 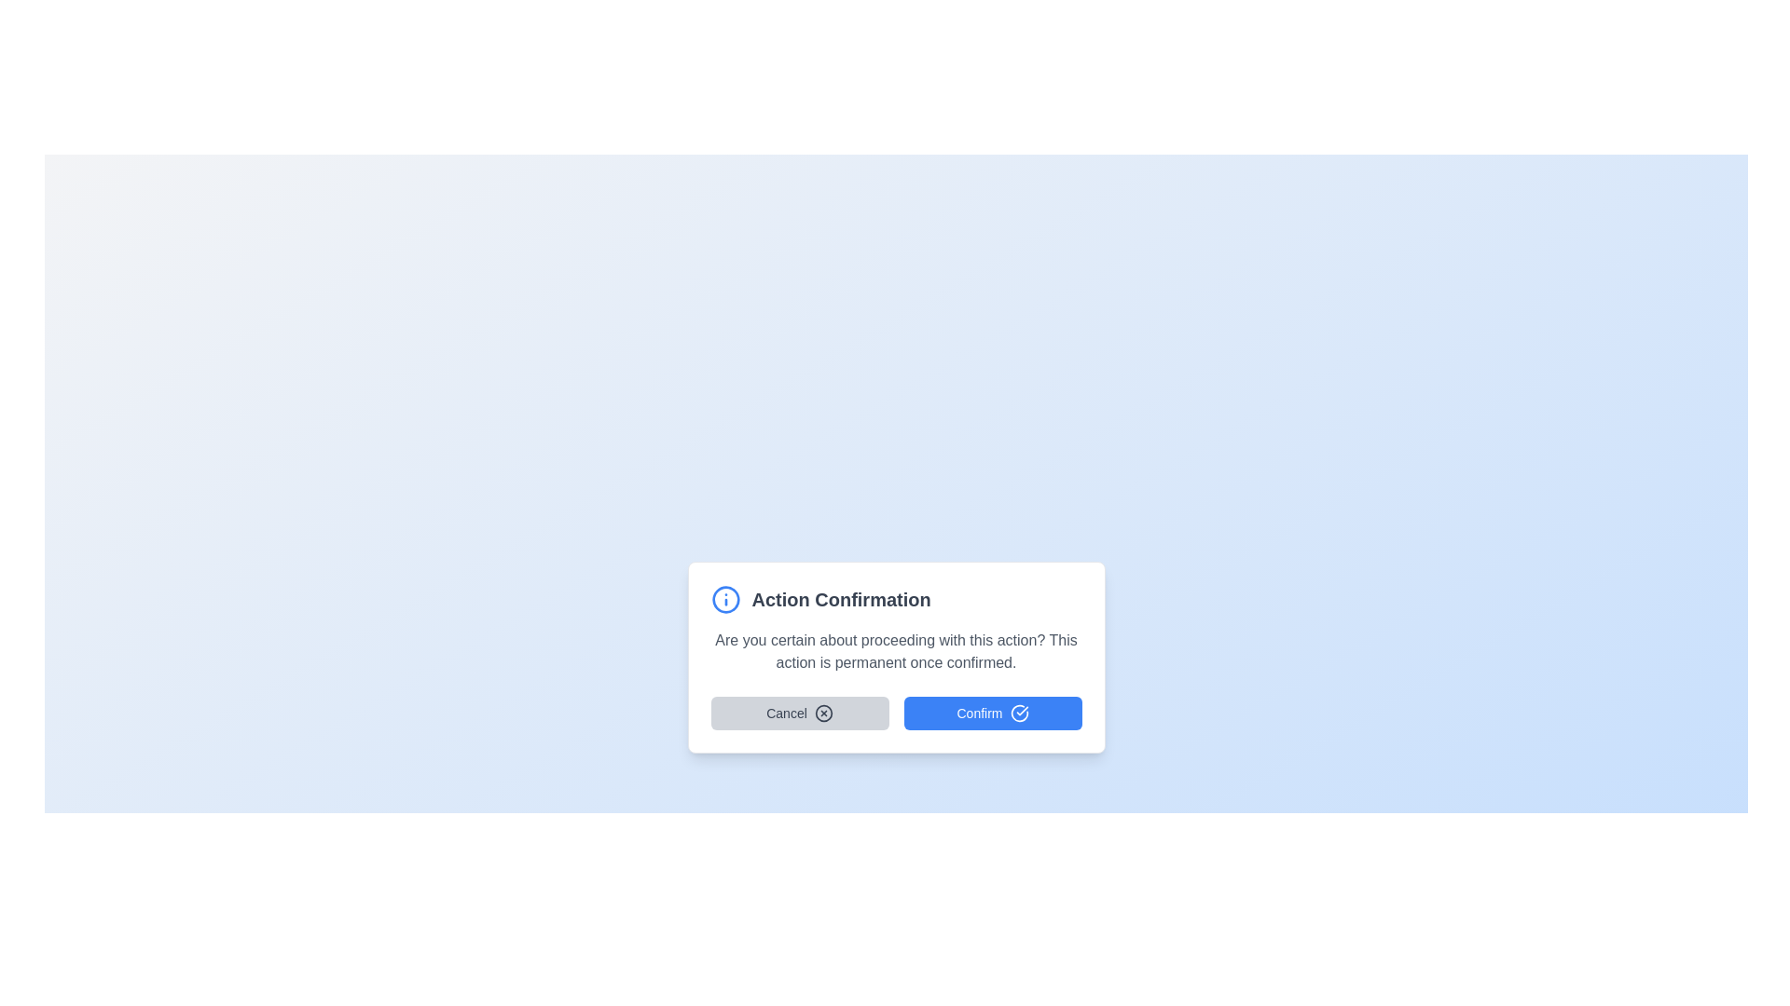 I want to click on the icon background element that visually represents the boundary of an icon, used for information or warnings, located near the top-left corner of a modal dialog above the 'Action Confirmation' text, so click(x=724, y=600).